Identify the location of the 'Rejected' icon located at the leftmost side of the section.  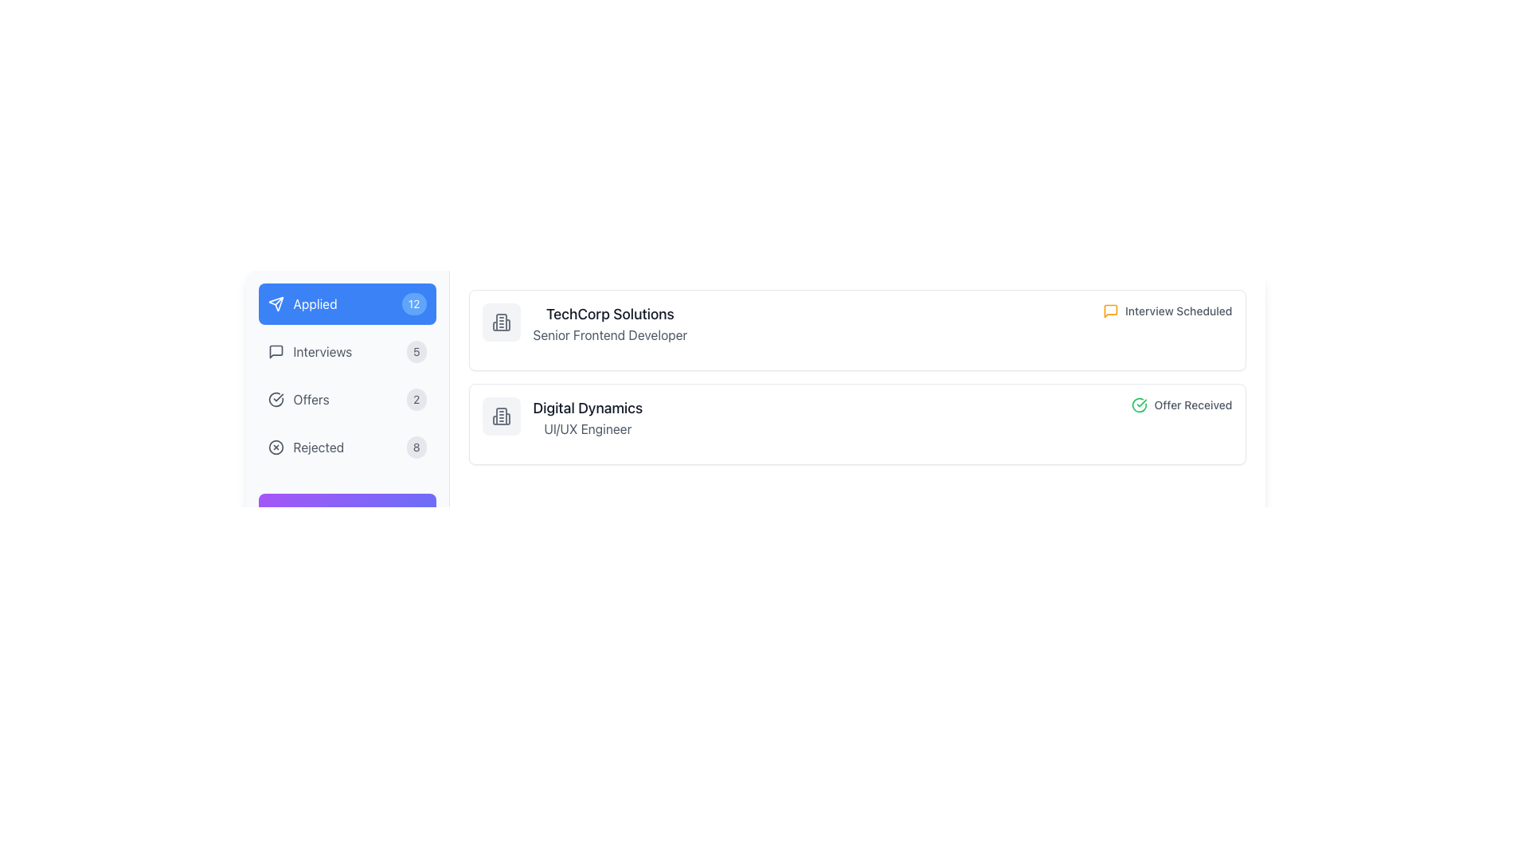
(276, 448).